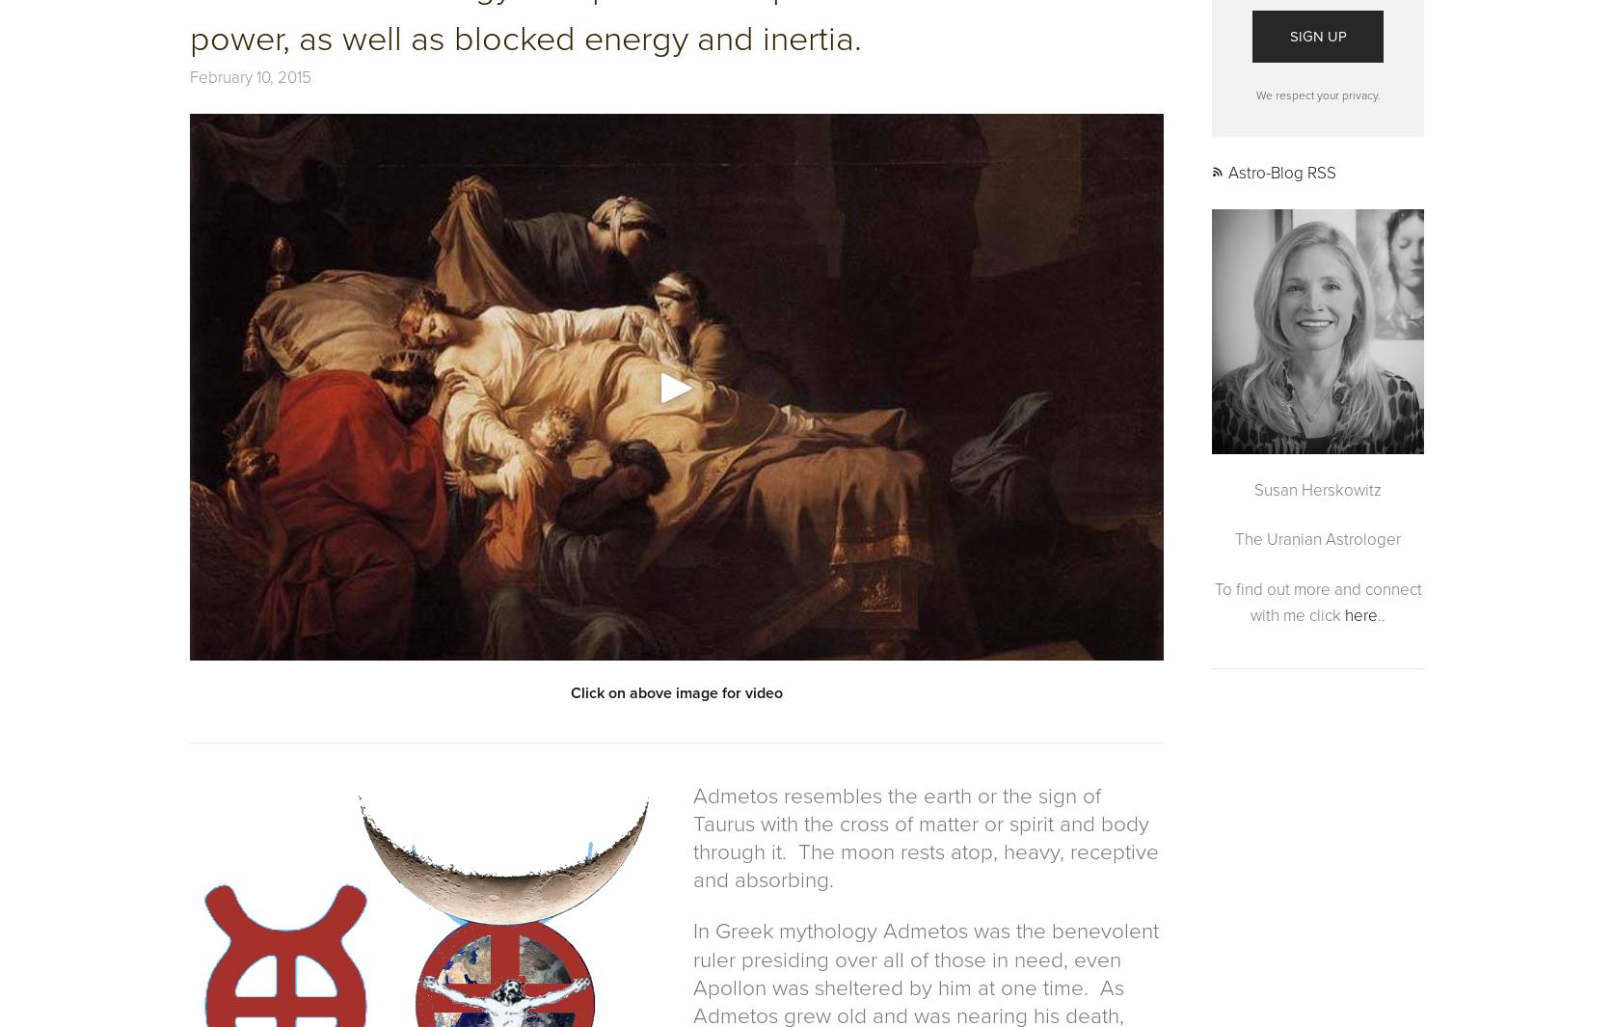 This screenshot has width=1614, height=1027. What do you see at coordinates (1288, 34) in the screenshot?
I see `'Sign Up'` at bounding box center [1288, 34].